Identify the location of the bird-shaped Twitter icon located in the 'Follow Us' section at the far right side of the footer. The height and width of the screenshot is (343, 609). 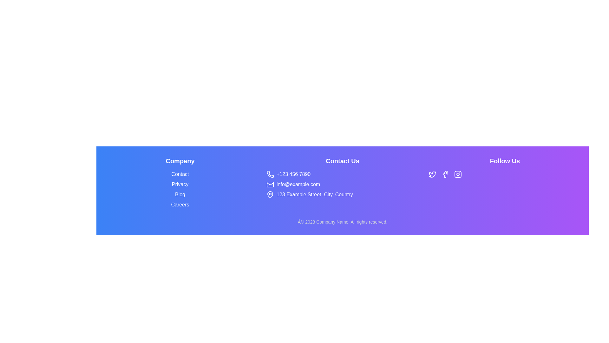
(432, 174).